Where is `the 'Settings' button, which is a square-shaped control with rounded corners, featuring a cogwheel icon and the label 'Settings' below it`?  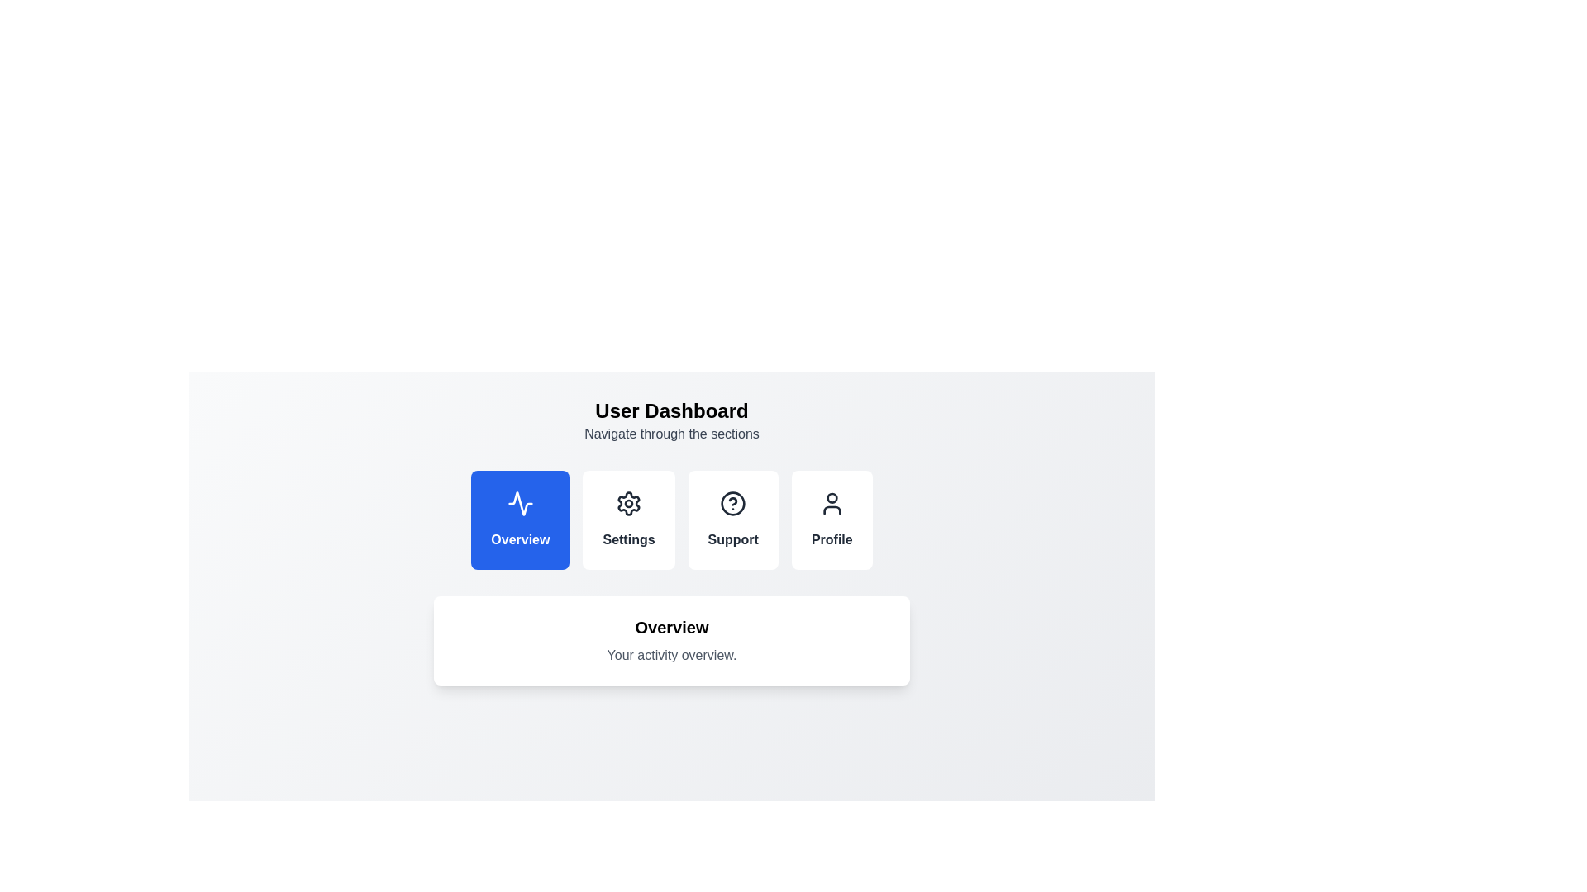 the 'Settings' button, which is a square-shaped control with rounded corners, featuring a cogwheel icon and the label 'Settings' below it is located at coordinates (628, 519).